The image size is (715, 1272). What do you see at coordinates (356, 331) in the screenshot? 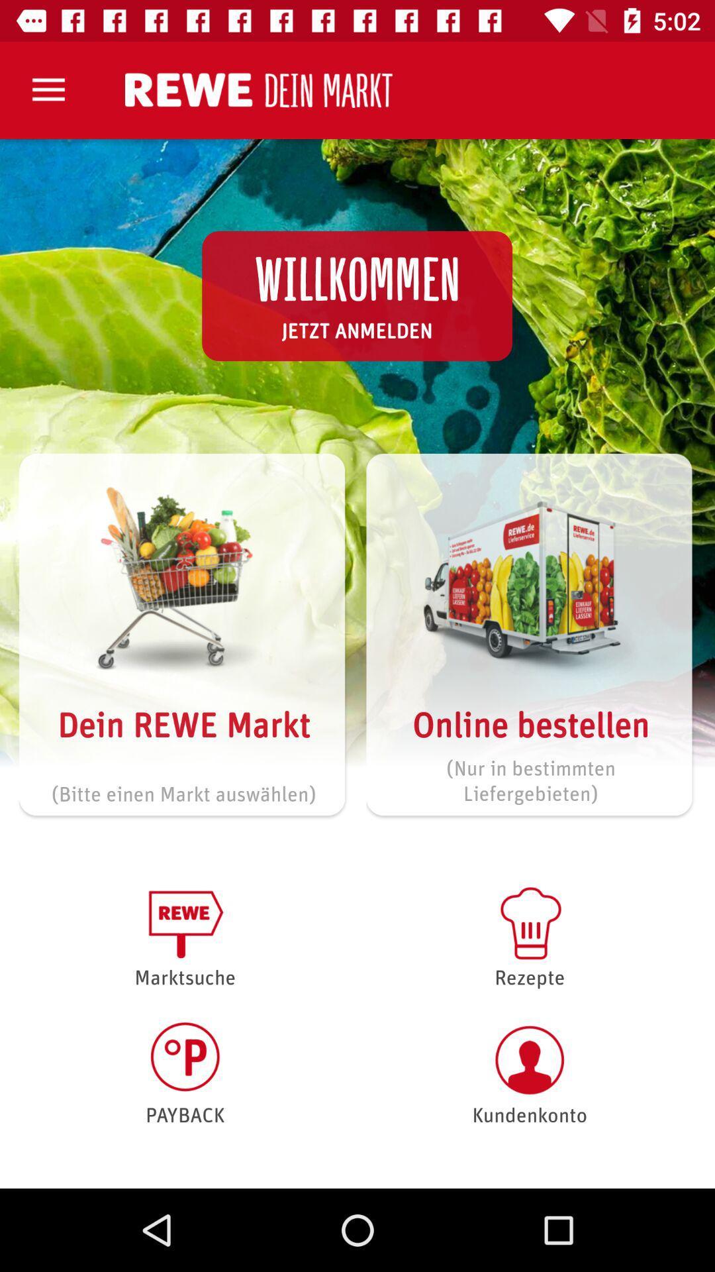
I see `the item below willkommen item` at bounding box center [356, 331].